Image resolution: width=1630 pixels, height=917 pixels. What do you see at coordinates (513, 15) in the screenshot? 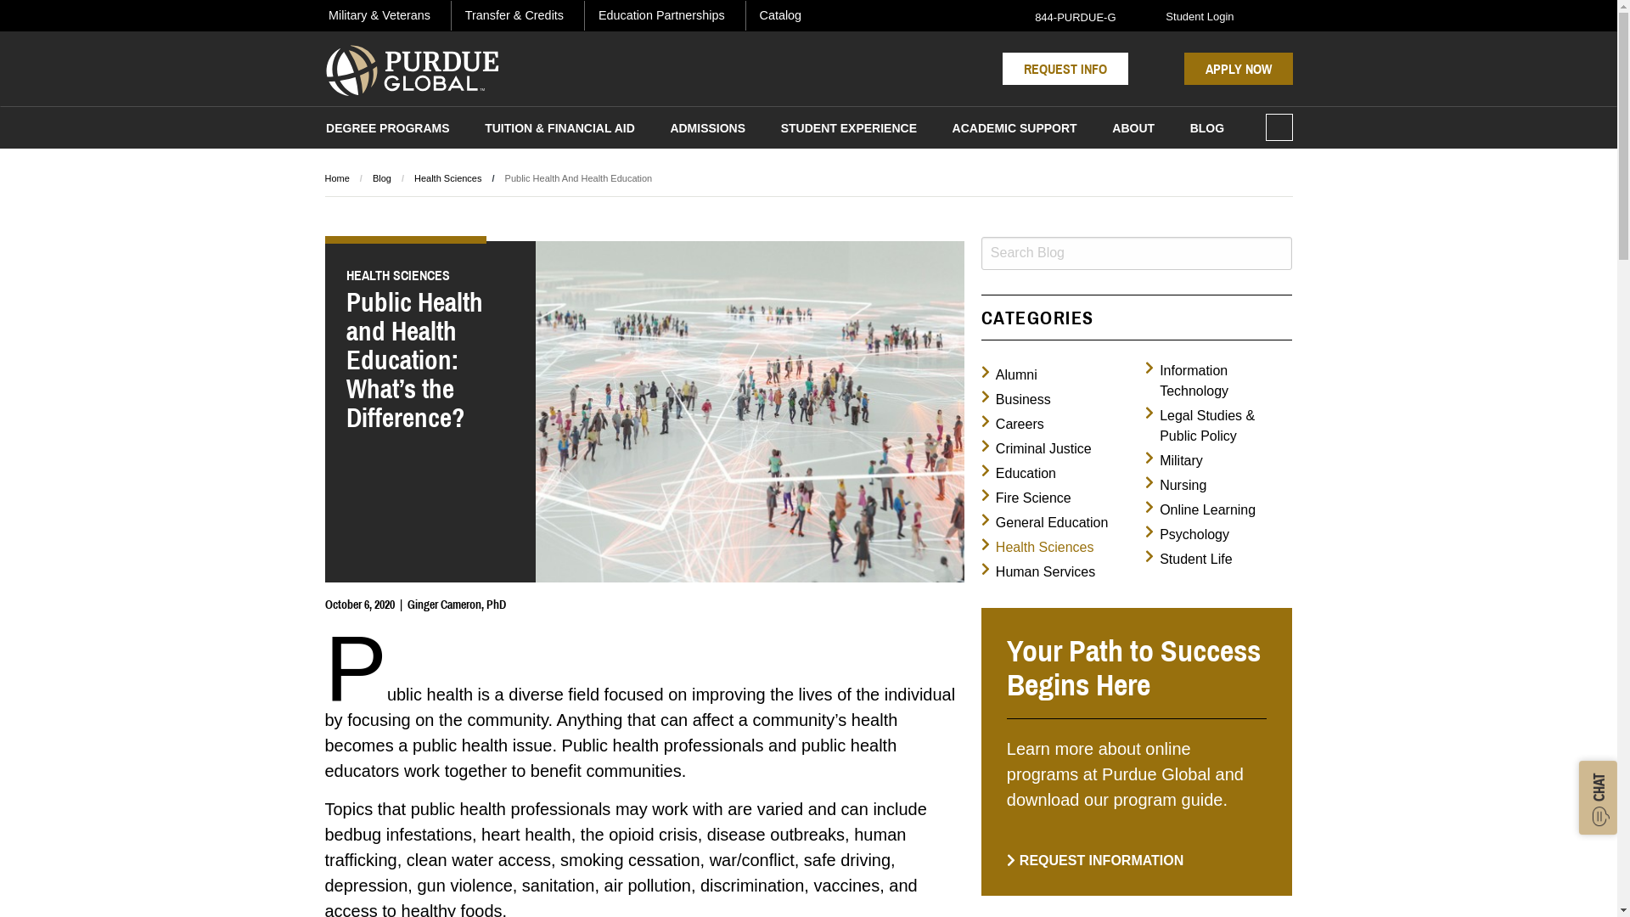
I see `'Transfer & Credits'` at bounding box center [513, 15].